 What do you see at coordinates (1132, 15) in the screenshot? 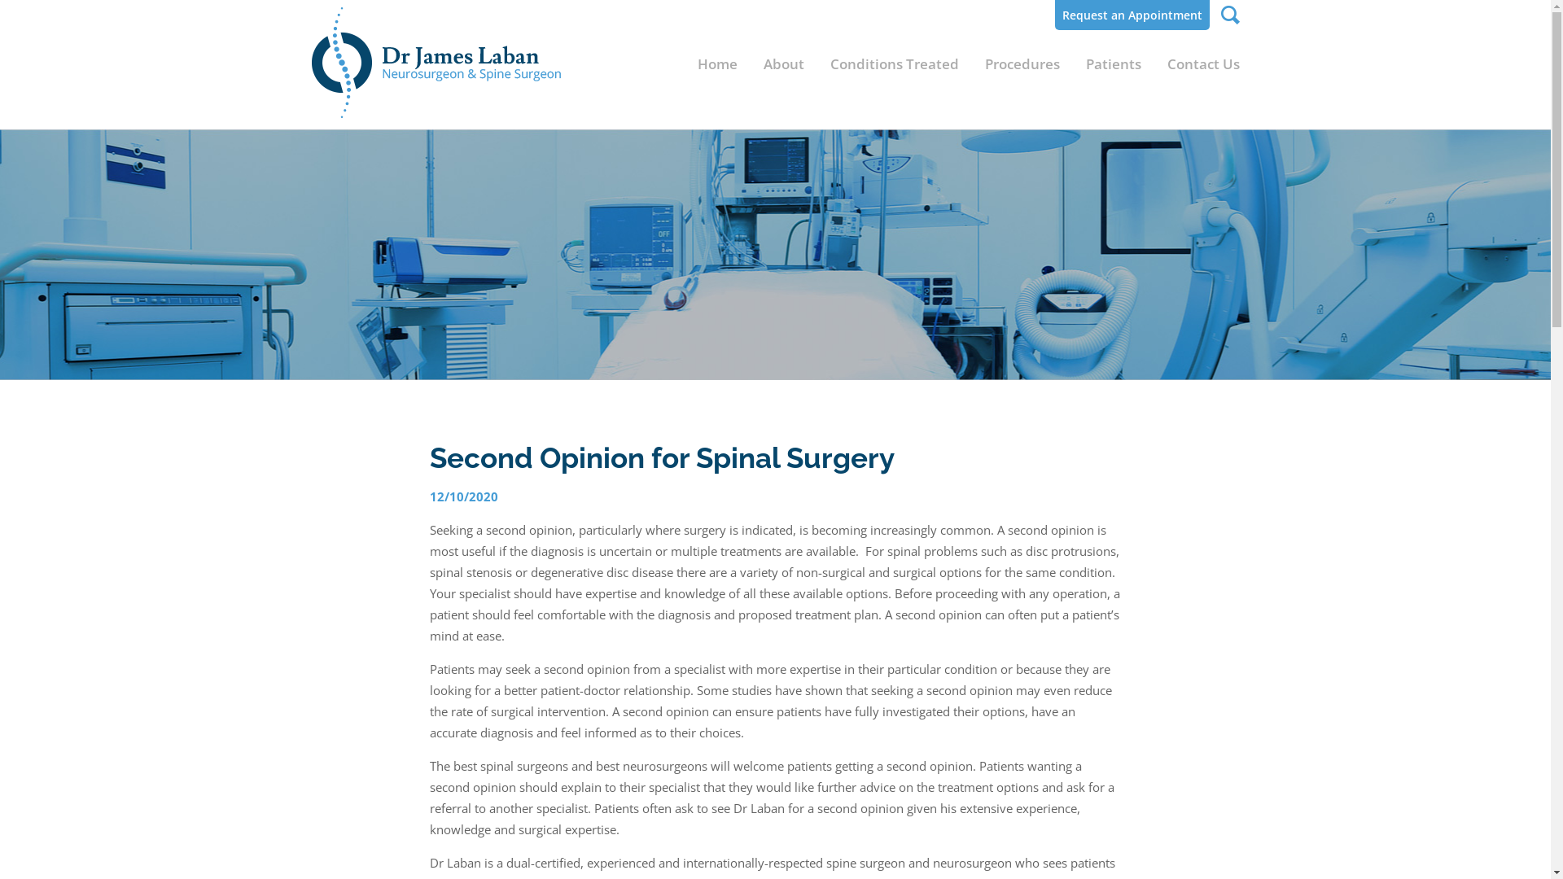
I see `'Request an Appointment'` at bounding box center [1132, 15].